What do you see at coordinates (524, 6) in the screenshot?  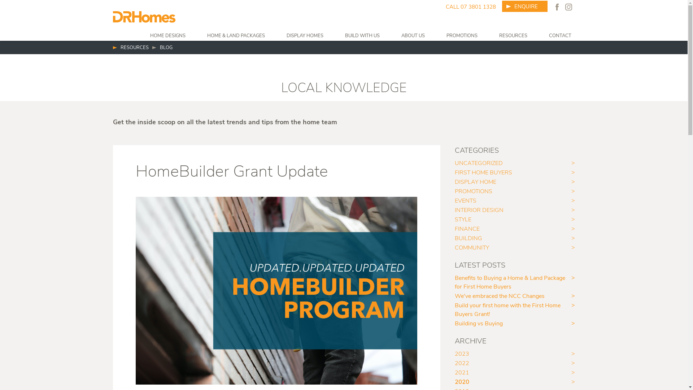 I see `'ENQUIRE'` at bounding box center [524, 6].